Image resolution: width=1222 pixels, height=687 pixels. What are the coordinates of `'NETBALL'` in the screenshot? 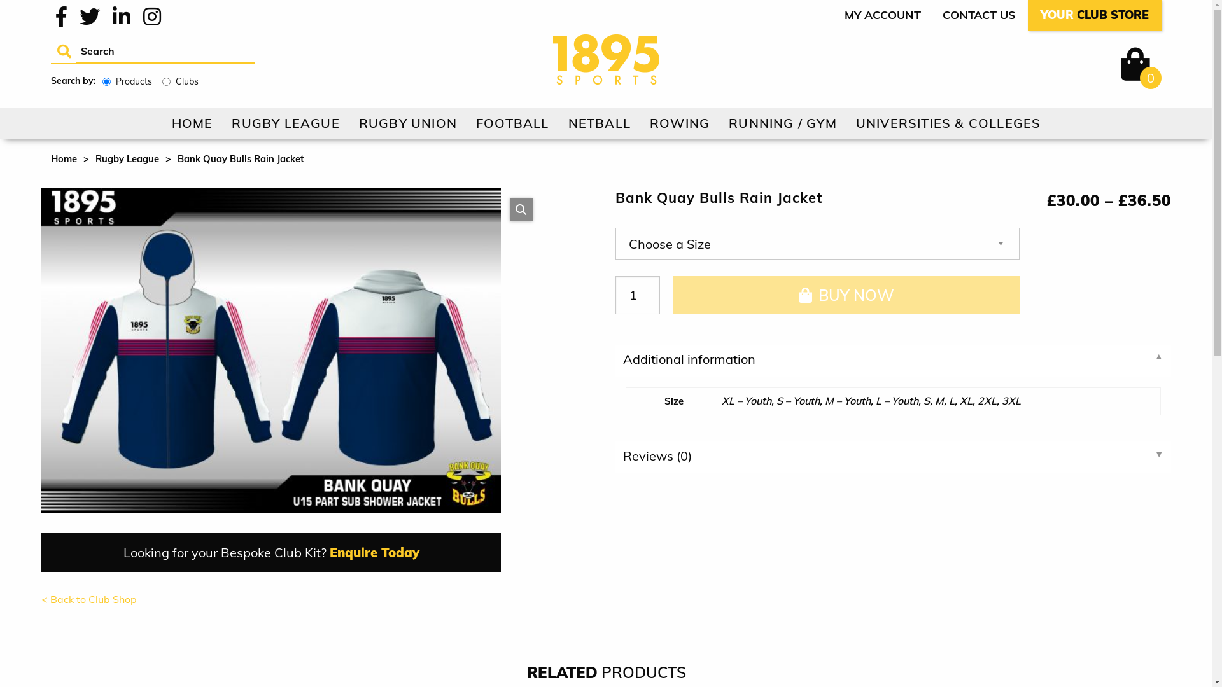 It's located at (598, 123).